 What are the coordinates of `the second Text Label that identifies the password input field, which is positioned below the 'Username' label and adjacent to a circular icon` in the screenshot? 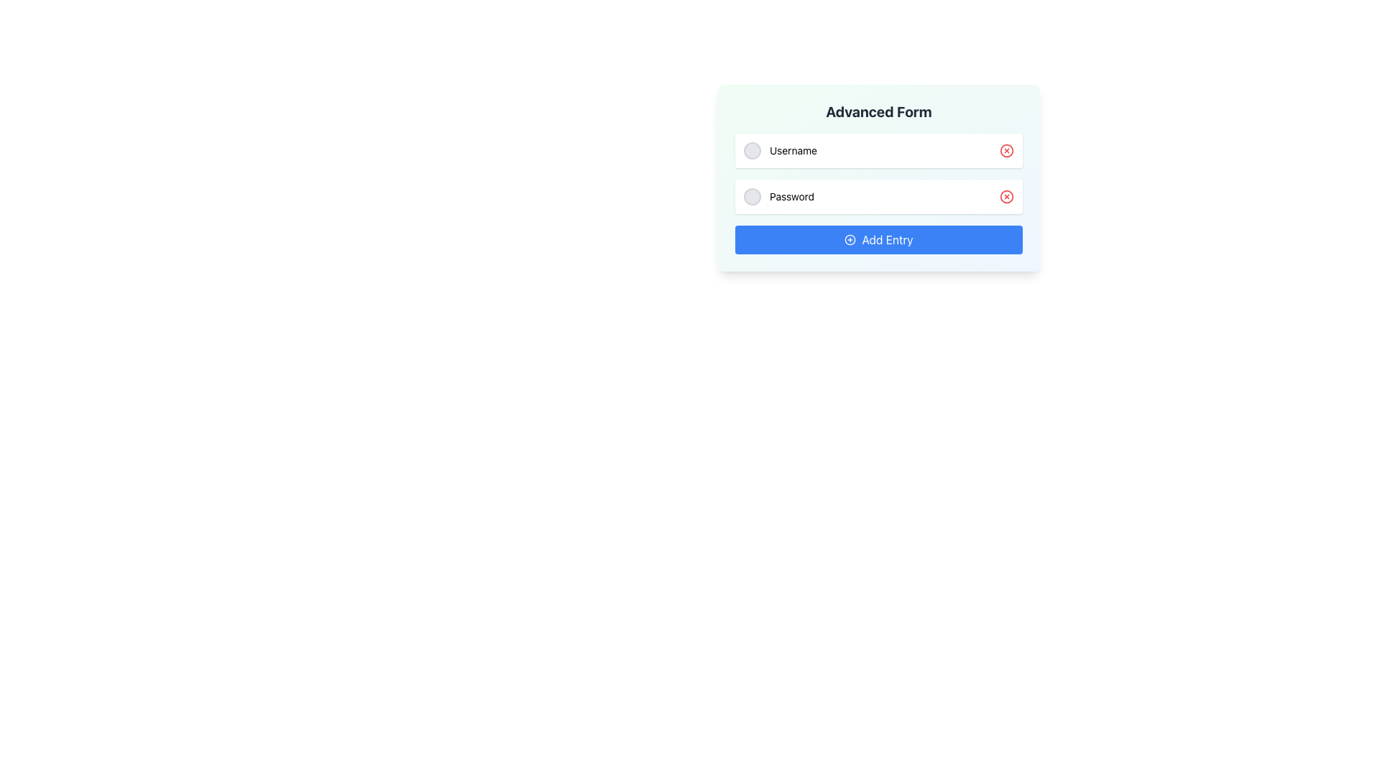 It's located at (791, 196).